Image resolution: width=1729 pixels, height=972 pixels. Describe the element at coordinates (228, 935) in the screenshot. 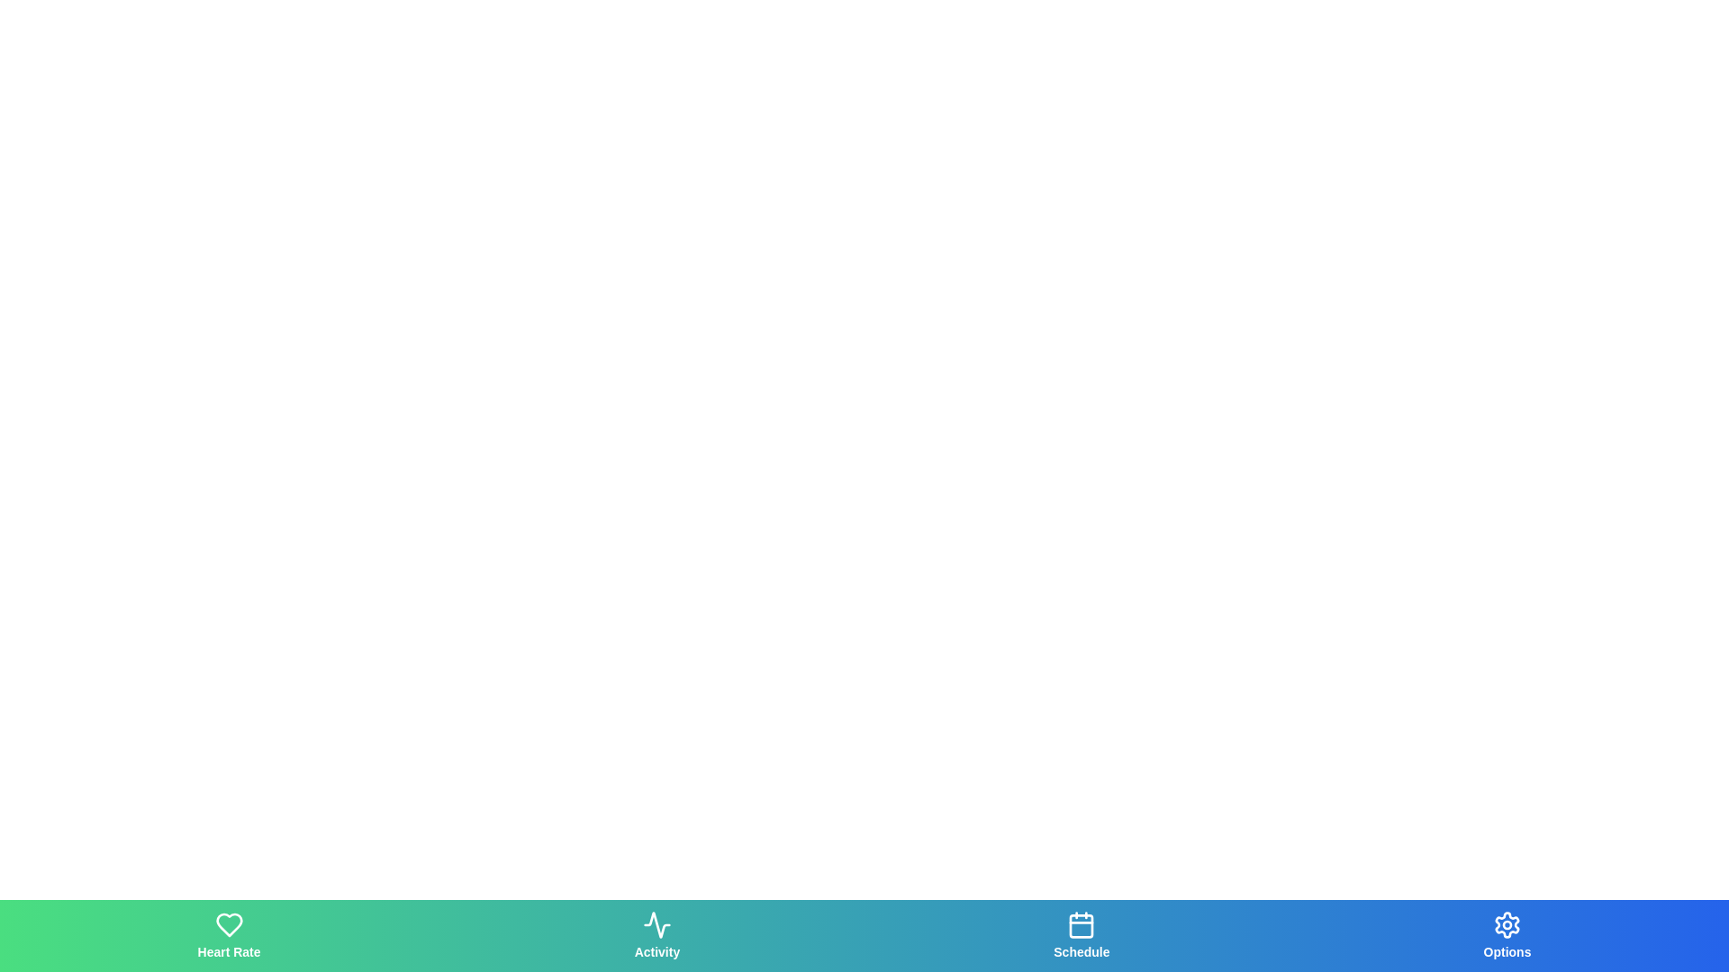

I see `the tab labeled Heart Rate to observe its hover effects` at that location.